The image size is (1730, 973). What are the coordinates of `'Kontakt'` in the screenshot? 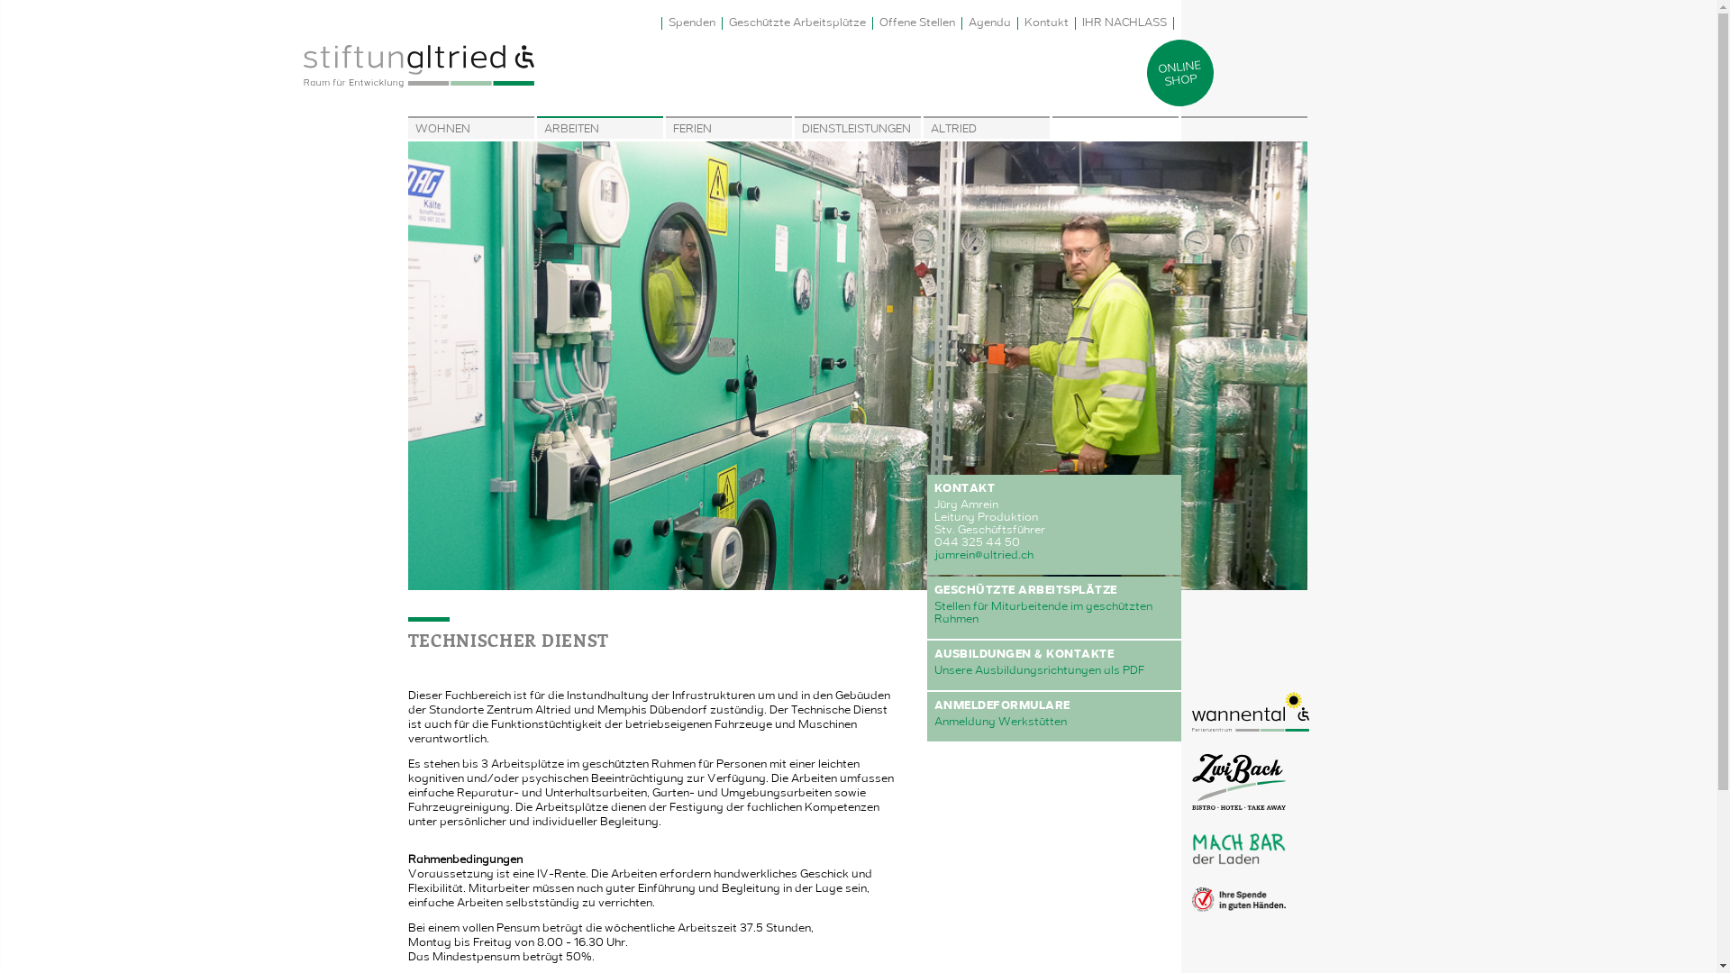 It's located at (1046, 23).